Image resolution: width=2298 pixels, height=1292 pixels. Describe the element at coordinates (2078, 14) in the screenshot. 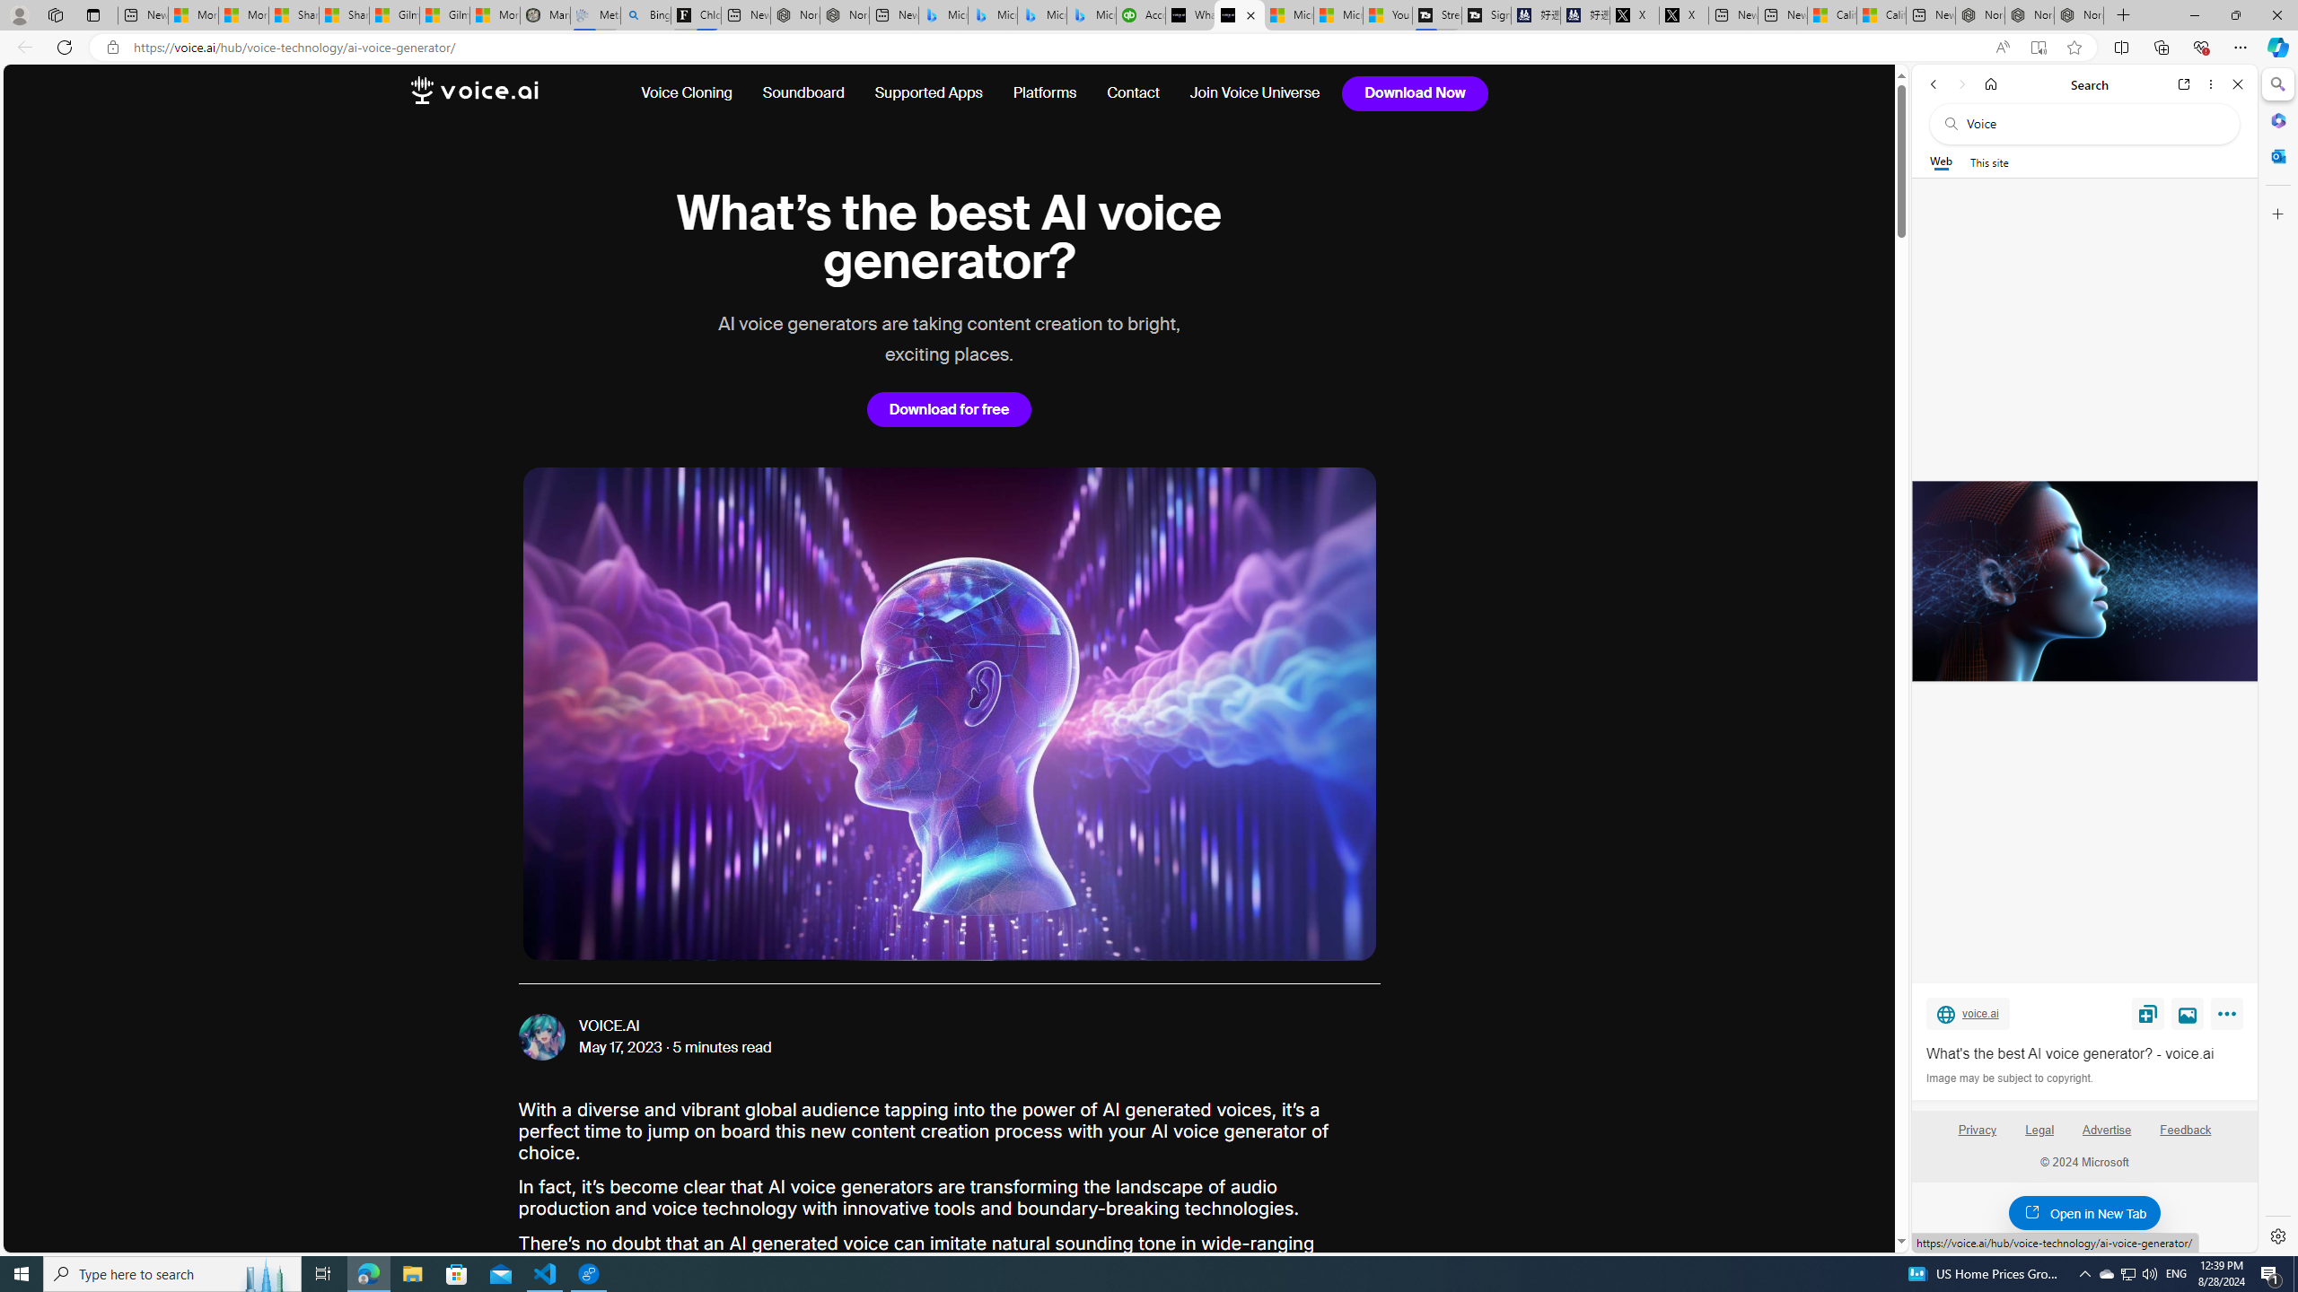

I see `'Nordace - Siena Pro 15 Essential Set'` at that location.